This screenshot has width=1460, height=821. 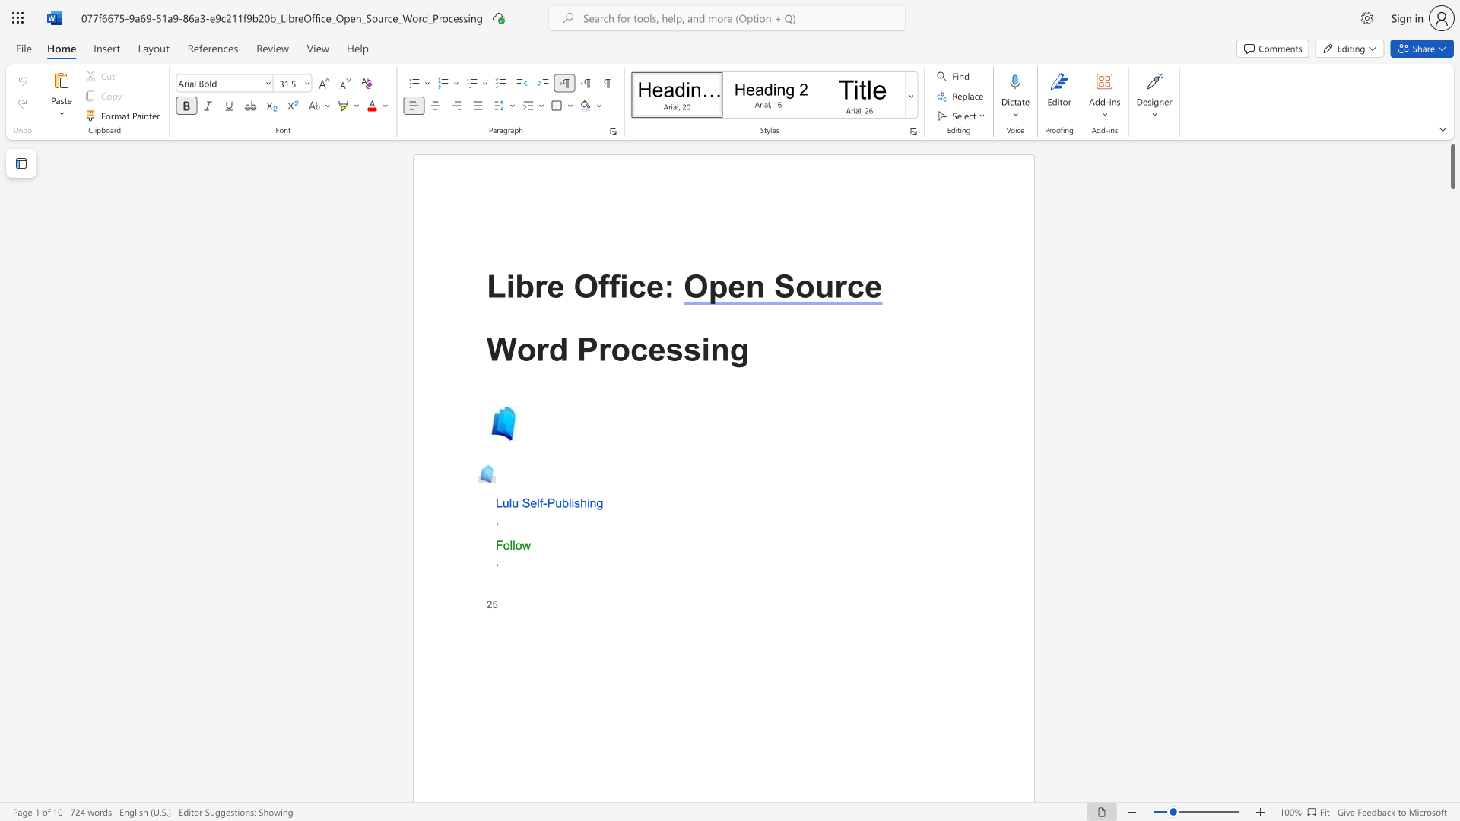 What do you see at coordinates (541, 502) in the screenshot?
I see `the 1th character "f" in the text` at bounding box center [541, 502].